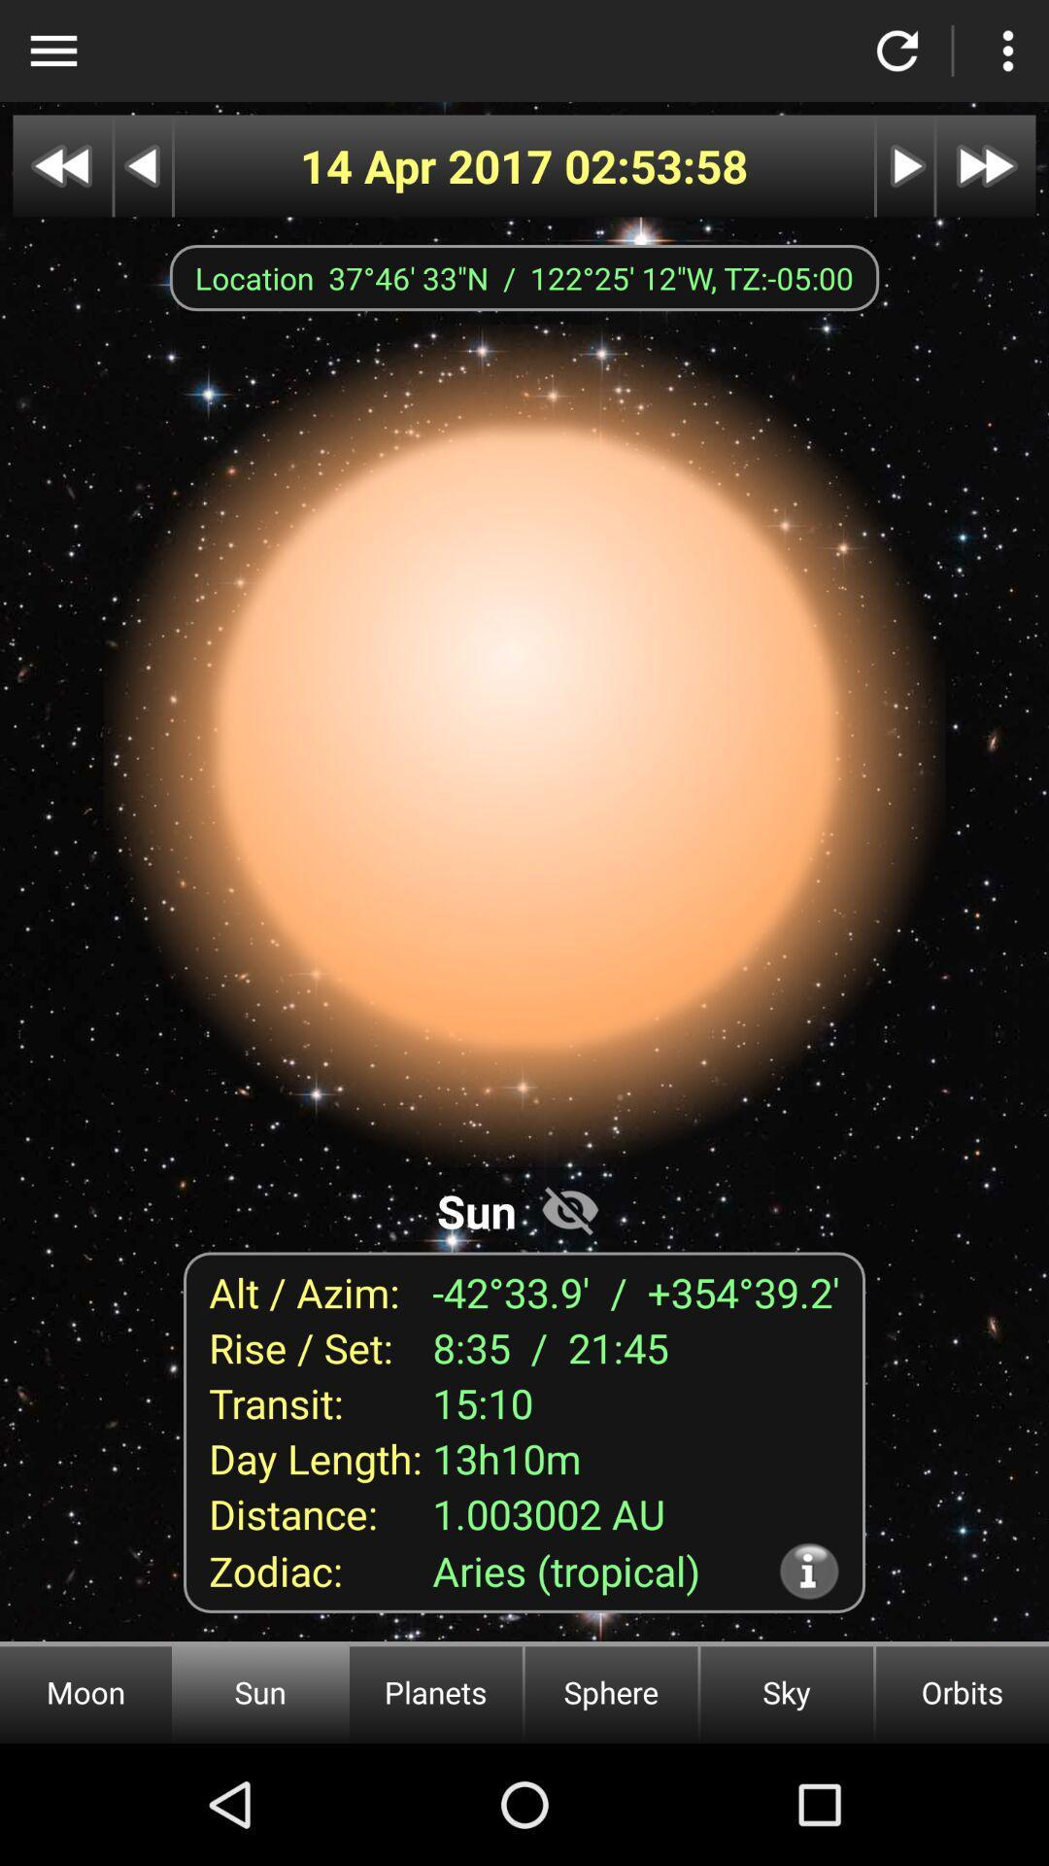  Describe the element at coordinates (986, 166) in the screenshot. I see `the av_forward icon` at that location.